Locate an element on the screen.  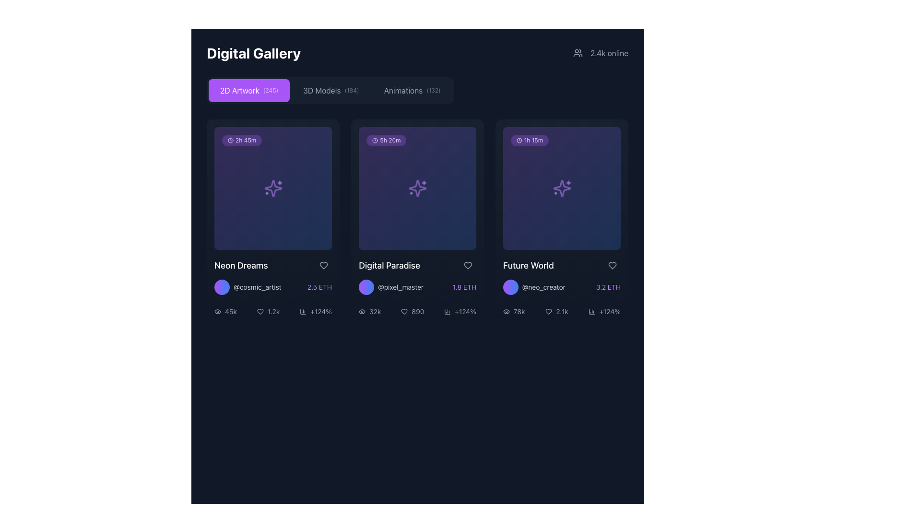
the icon representing statistical data located to the left of the '+124%' text in the lower-right portion of the 'Future World' card is located at coordinates (591, 312).